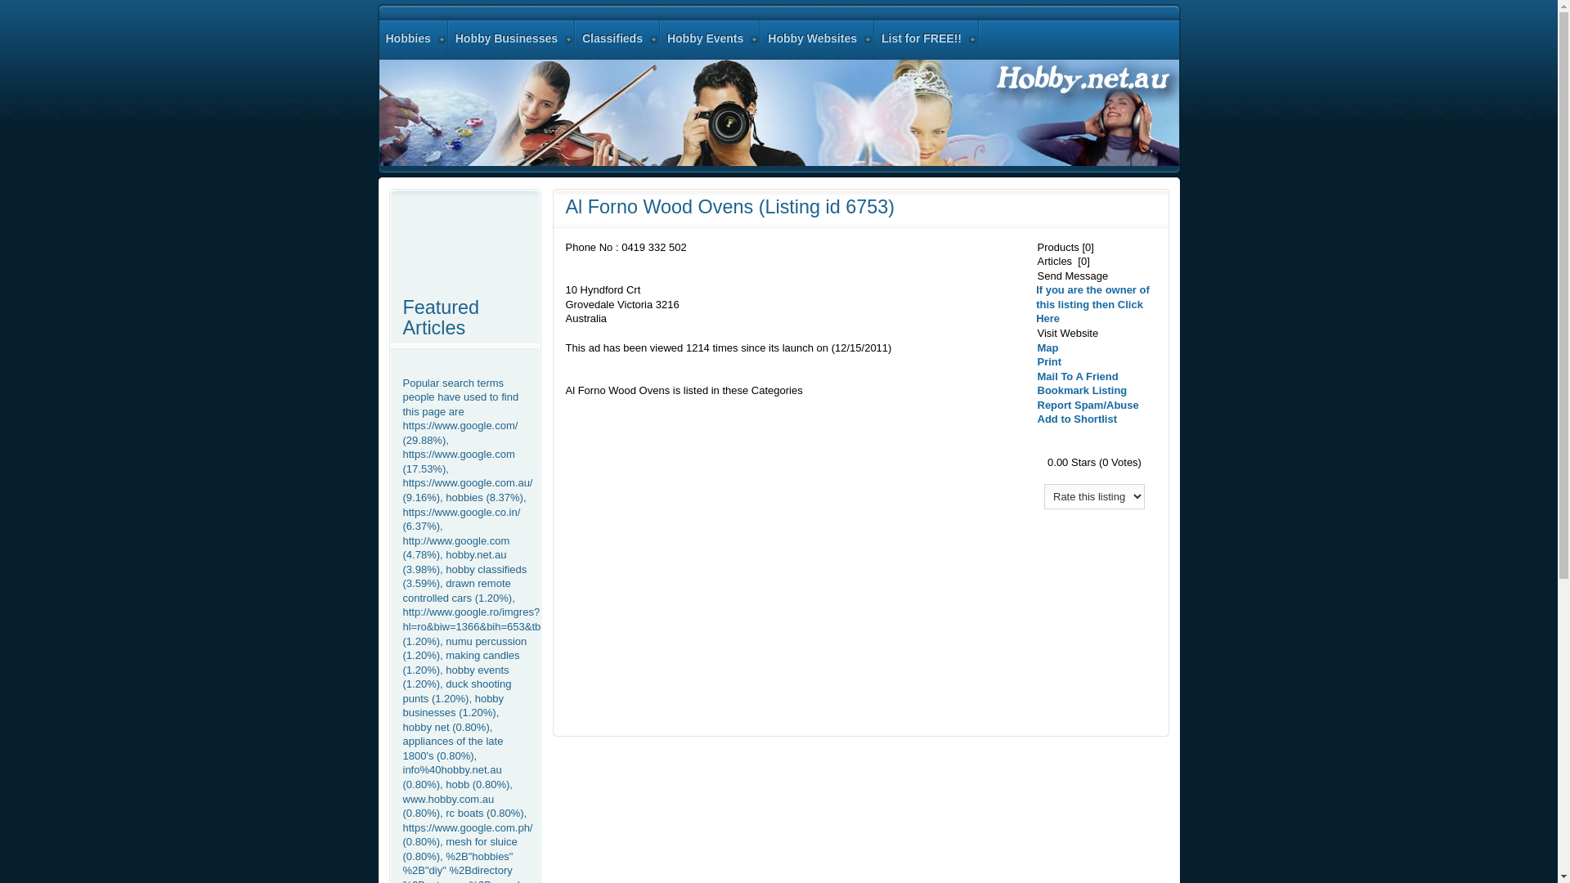 This screenshot has height=883, width=1570. What do you see at coordinates (1077, 376) in the screenshot?
I see `'Mail To A Friend'` at bounding box center [1077, 376].